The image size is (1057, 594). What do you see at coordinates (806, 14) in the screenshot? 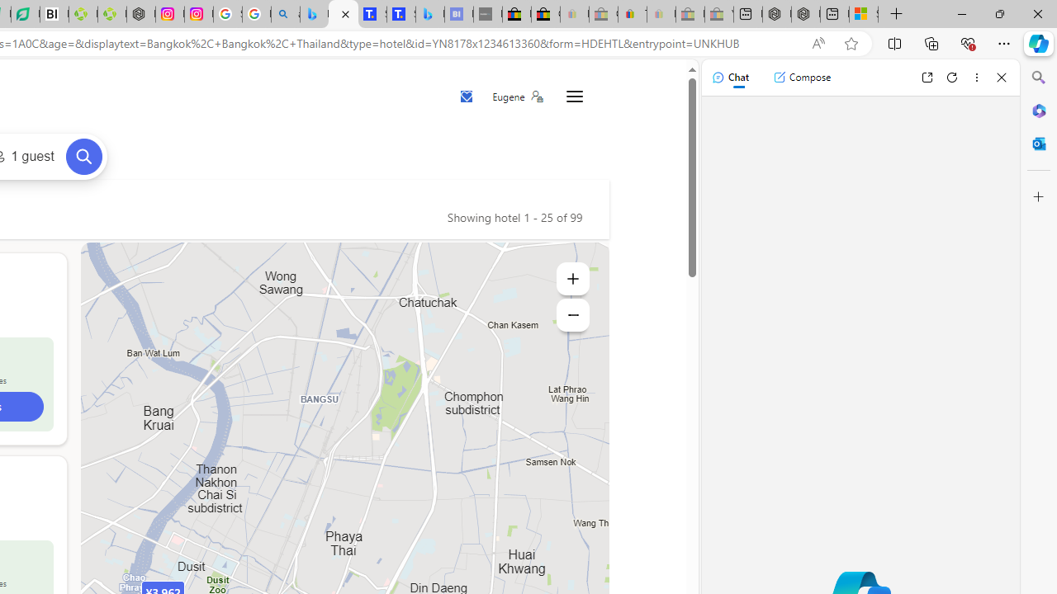
I see `'Nordace - Summer Adventures 2024'` at bounding box center [806, 14].